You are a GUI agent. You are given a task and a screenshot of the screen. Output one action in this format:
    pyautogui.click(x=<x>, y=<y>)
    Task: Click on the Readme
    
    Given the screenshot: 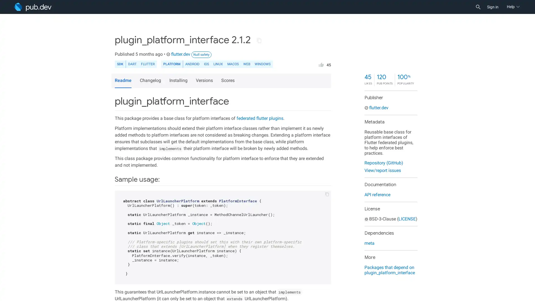 What is the action you would take?
    pyautogui.click(x=123, y=81)
    